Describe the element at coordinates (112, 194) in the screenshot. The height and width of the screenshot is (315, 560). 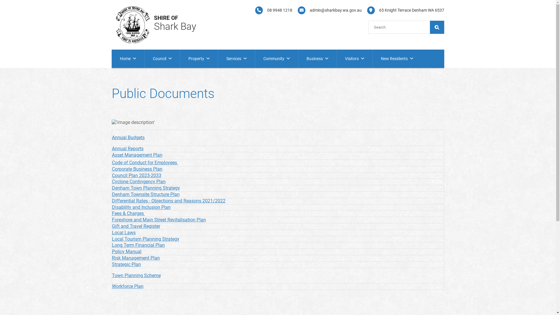
I see `'Denham Townsite Structure Plan'` at that location.